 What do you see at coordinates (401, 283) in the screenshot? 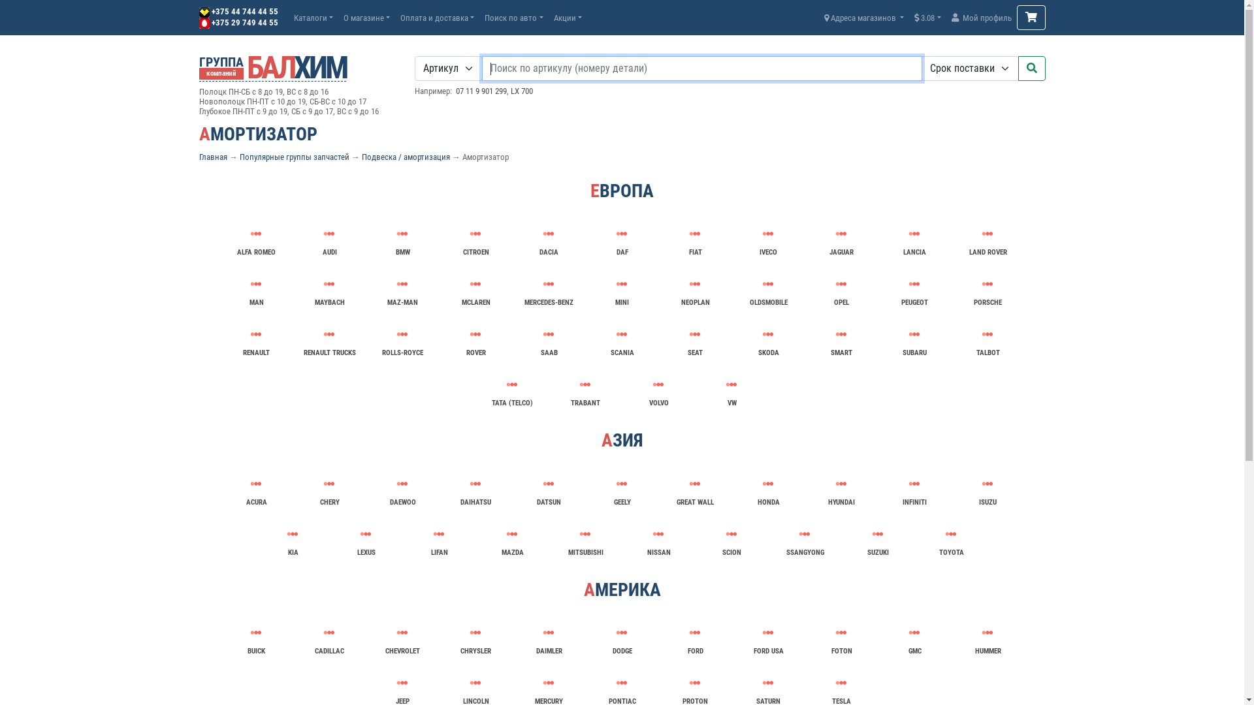
I see `'MAZ-MAN'` at bounding box center [401, 283].